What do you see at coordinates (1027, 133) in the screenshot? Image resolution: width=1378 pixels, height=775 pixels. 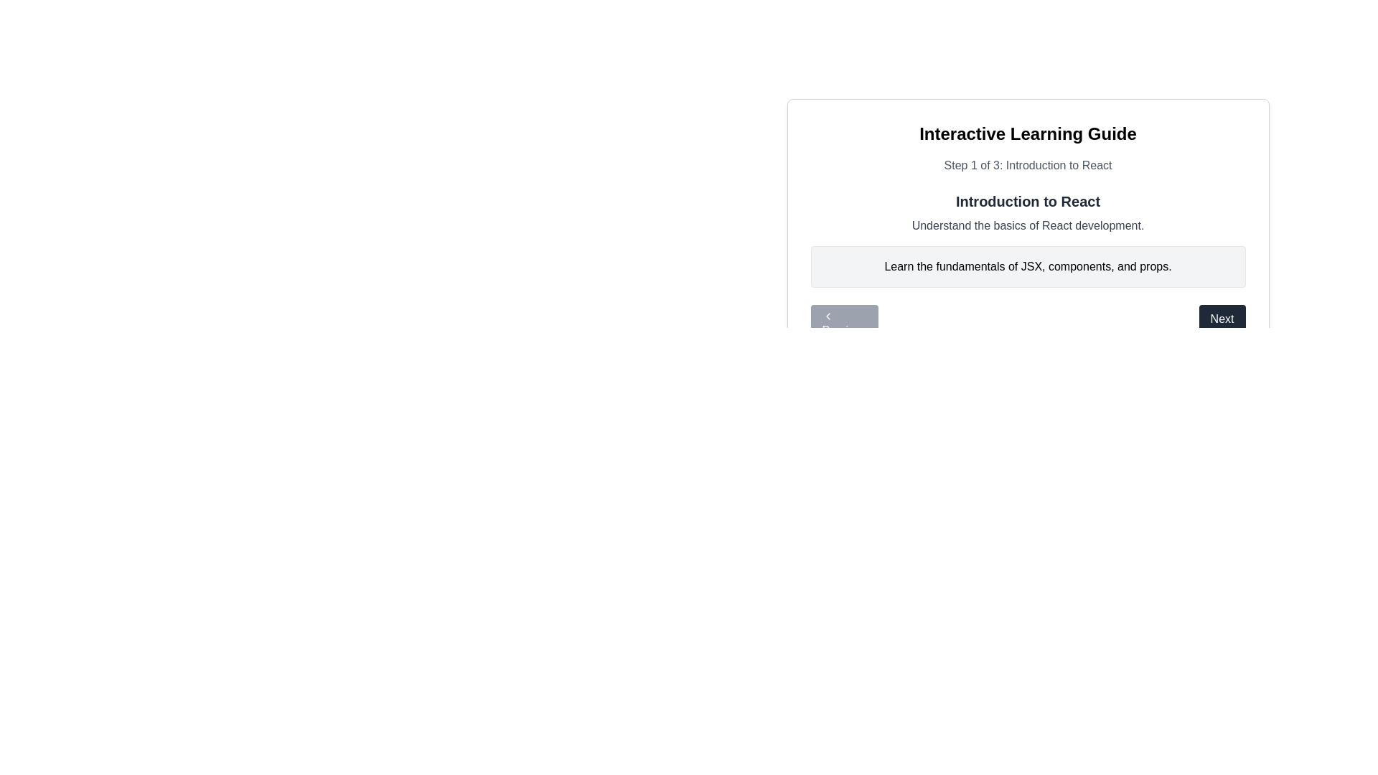 I see `the bold, large title text reading 'Interactive Learning Guide' which is positioned at the top of the central card-like interface` at bounding box center [1027, 133].